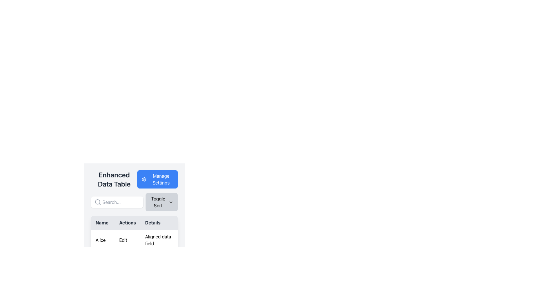  I want to click on the Dropdown Button located beneath the 'Enhanced Data Table' title, so click(134, 202).